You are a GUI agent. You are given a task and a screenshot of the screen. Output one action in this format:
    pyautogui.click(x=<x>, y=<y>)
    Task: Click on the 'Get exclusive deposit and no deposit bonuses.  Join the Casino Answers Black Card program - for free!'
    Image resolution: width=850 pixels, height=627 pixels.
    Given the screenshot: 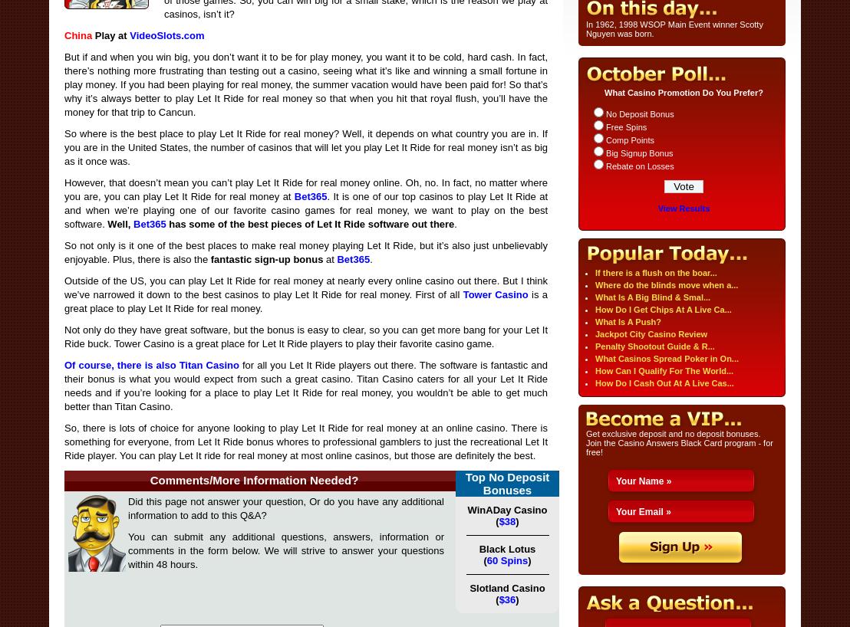 What is the action you would take?
    pyautogui.click(x=585, y=442)
    